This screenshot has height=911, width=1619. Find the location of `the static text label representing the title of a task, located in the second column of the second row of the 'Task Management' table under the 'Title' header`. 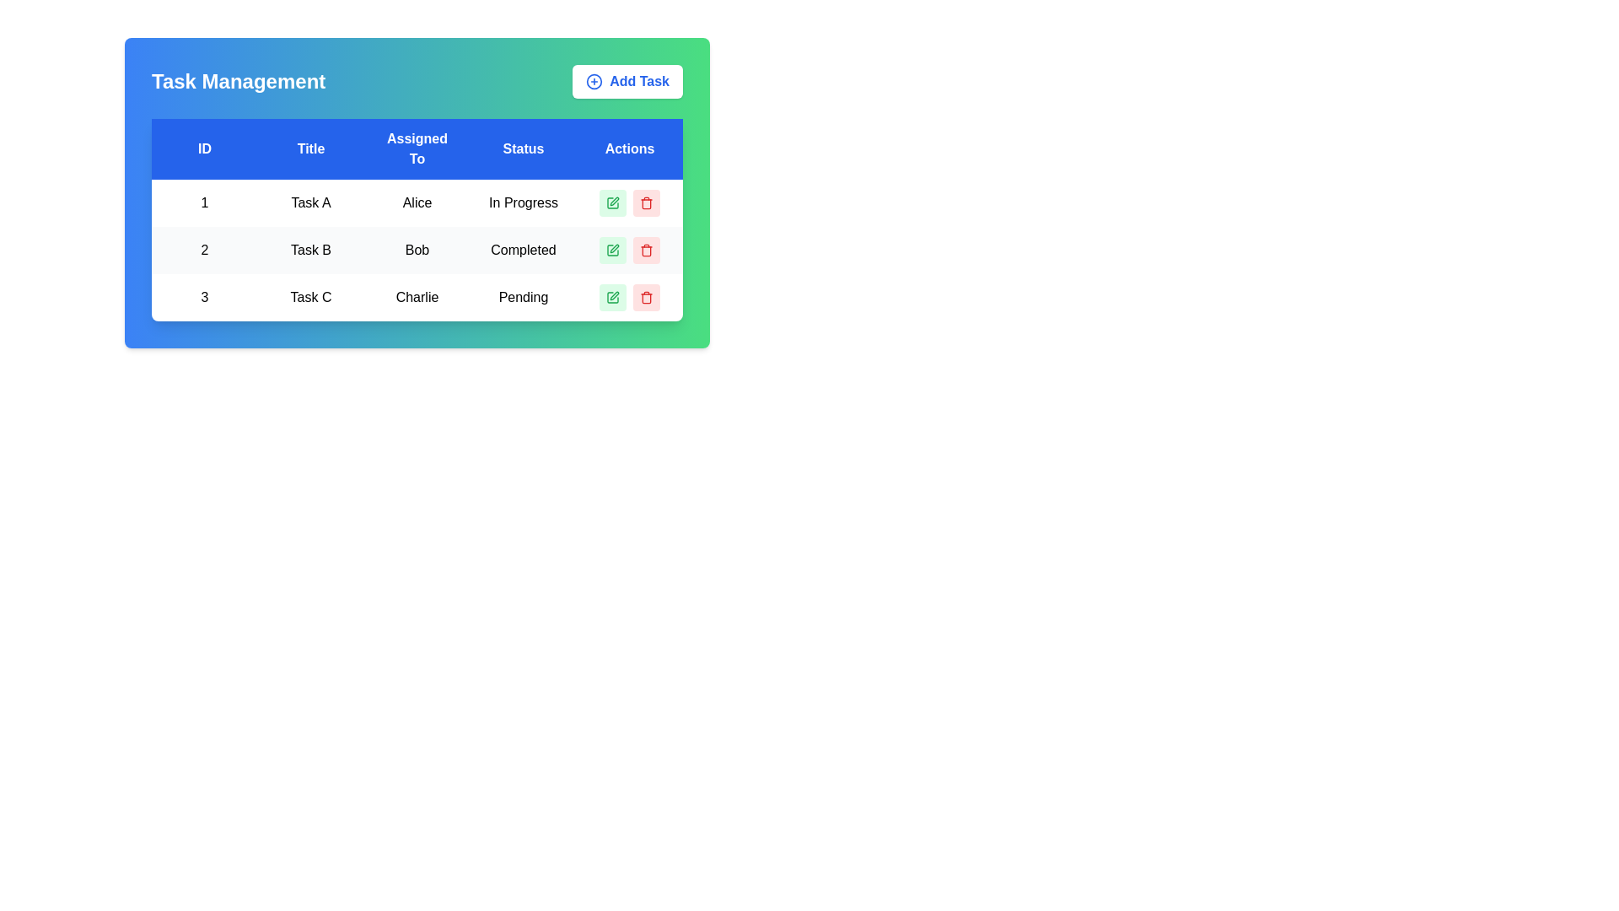

the static text label representing the title of a task, located in the second column of the second row of the 'Task Management' table under the 'Title' header is located at coordinates (311, 251).